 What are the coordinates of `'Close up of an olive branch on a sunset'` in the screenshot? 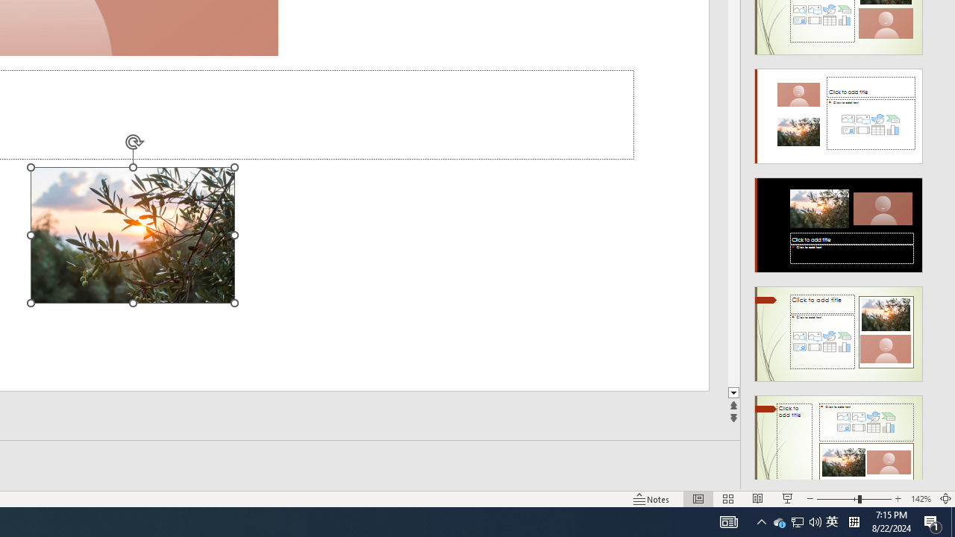 It's located at (132, 235).